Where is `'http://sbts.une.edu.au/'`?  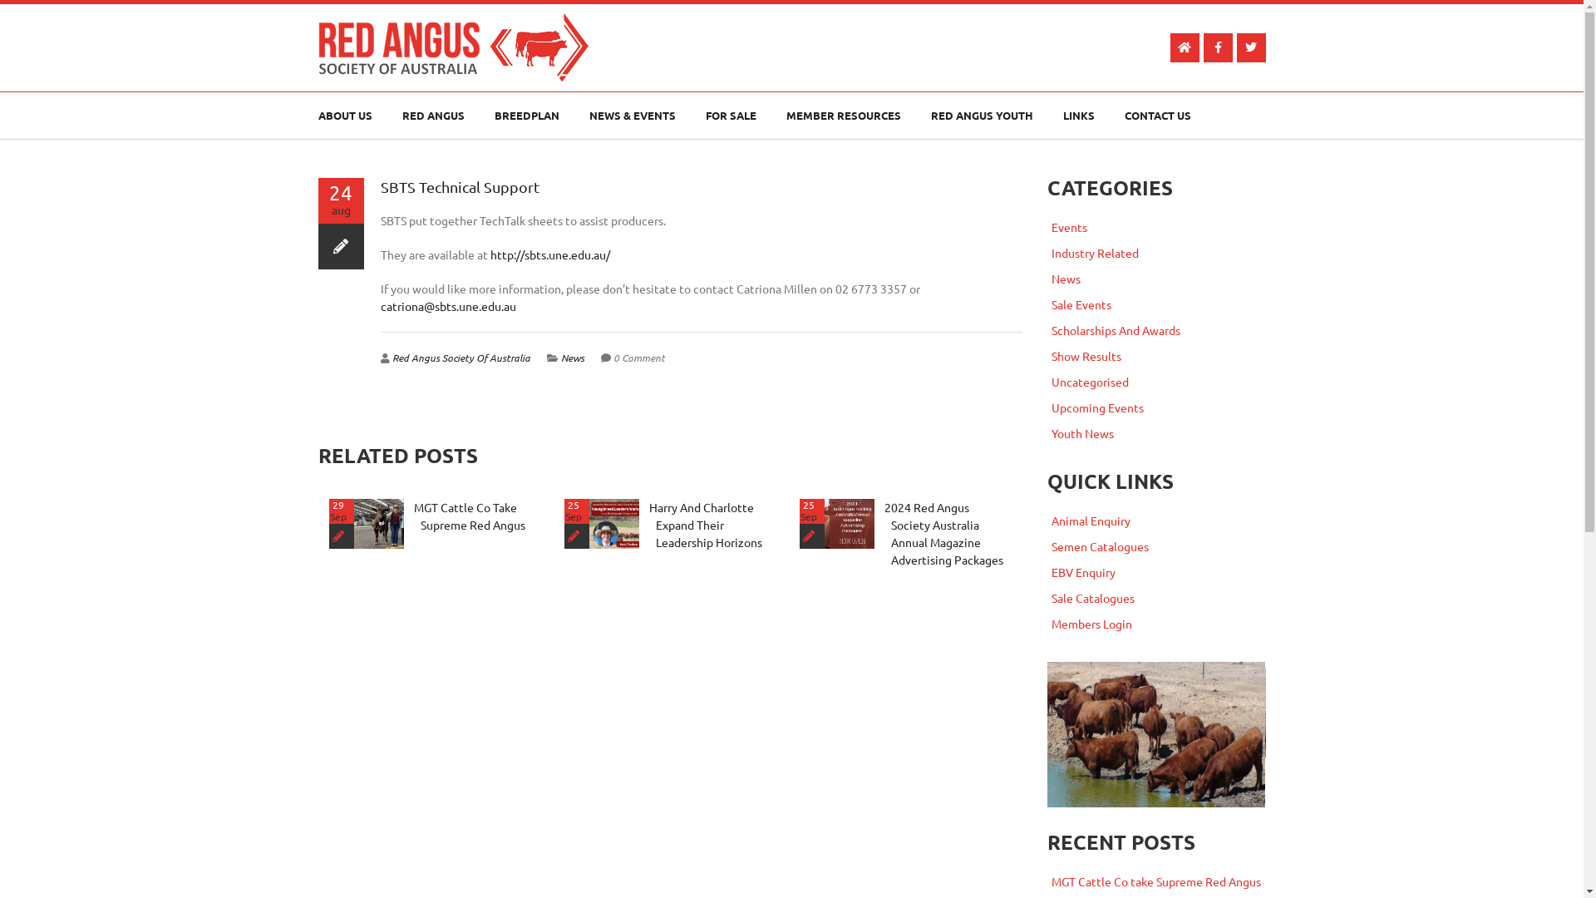 'http://sbts.une.edu.au/' is located at coordinates (550, 254).